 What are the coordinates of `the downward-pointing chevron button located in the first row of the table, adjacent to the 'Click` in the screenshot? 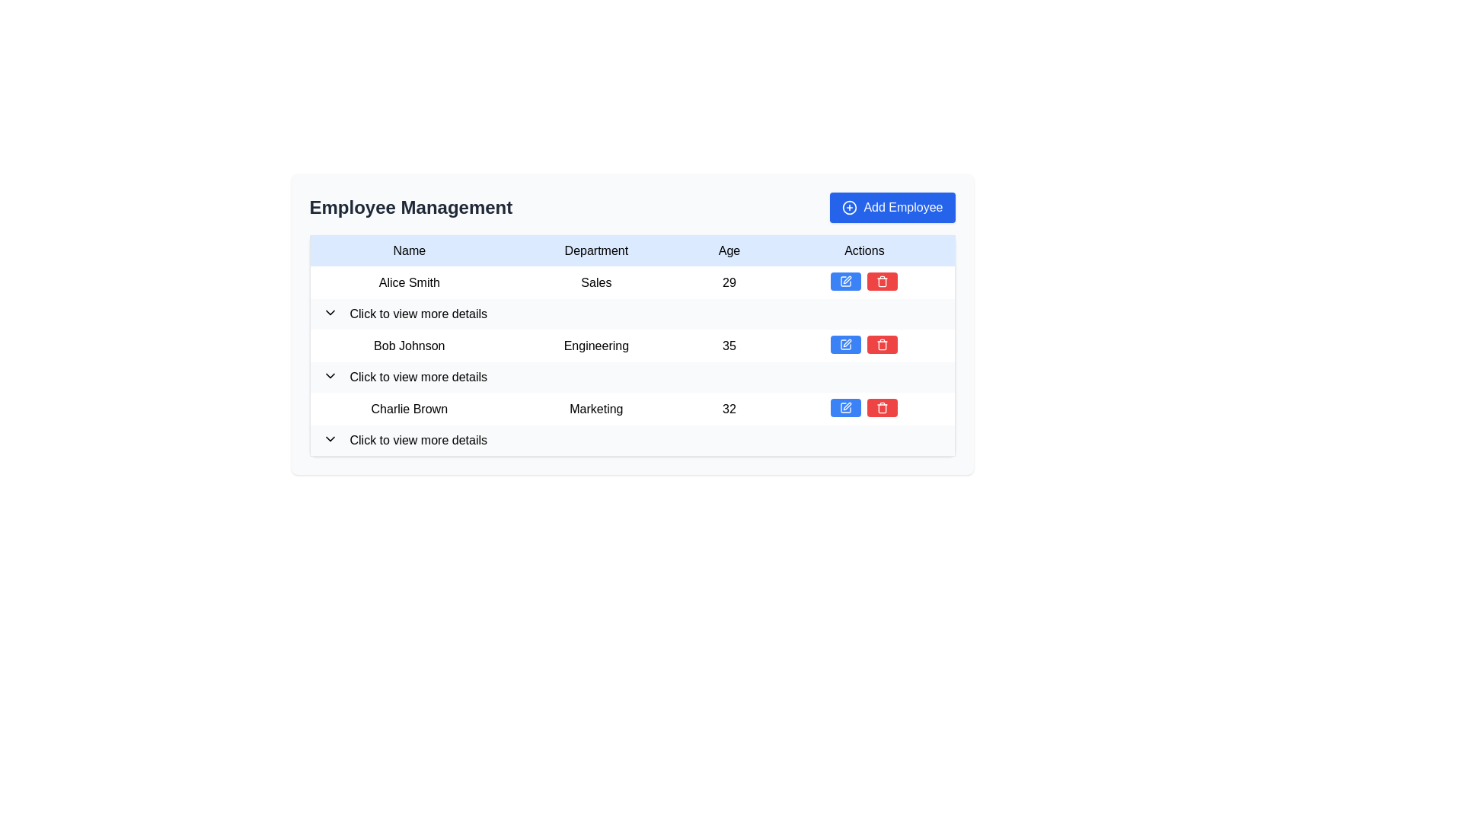 It's located at (329, 312).